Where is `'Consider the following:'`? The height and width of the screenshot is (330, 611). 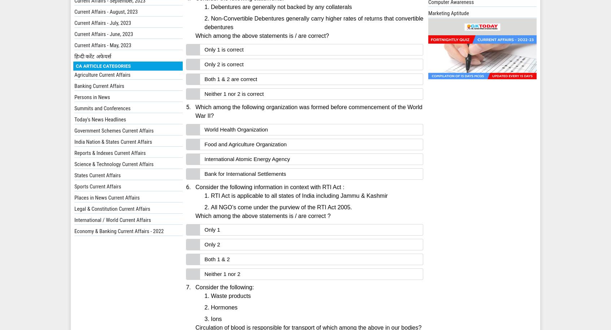 'Consider the following:' is located at coordinates (224, 287).